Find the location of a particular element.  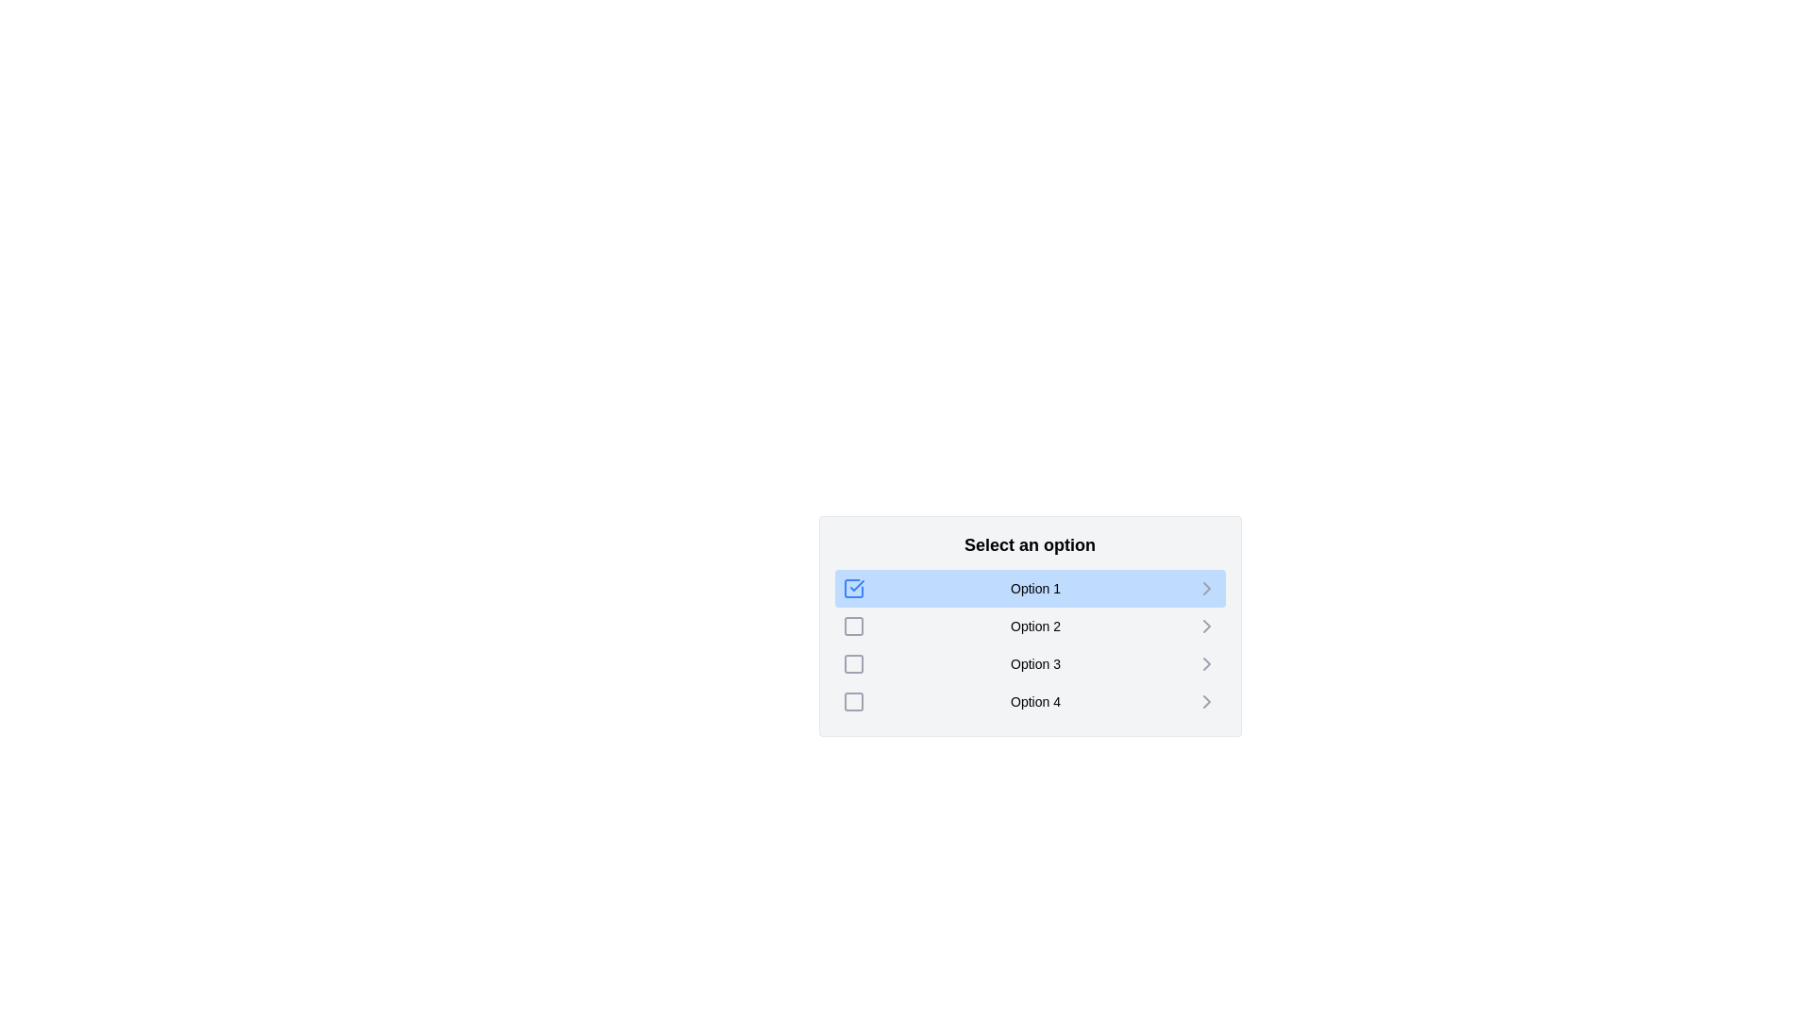

the fourth selectable list item with a checkbox and a navigation icon is located at coordinates (1029, 702).